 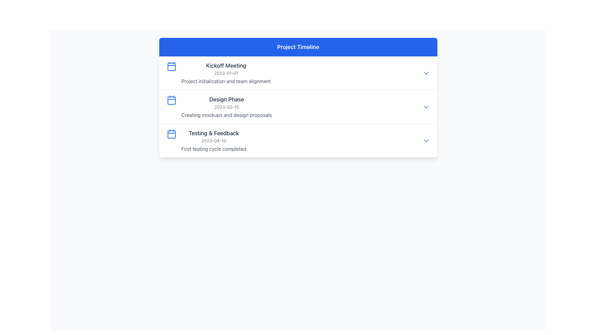 What do you see at coordinates (226, 99) in the screenshot?
I see `the Text Label that serves as a heading for the second entry of the timeline, positioned above the text '2023-02-15'` at bounding box center [226, 99].